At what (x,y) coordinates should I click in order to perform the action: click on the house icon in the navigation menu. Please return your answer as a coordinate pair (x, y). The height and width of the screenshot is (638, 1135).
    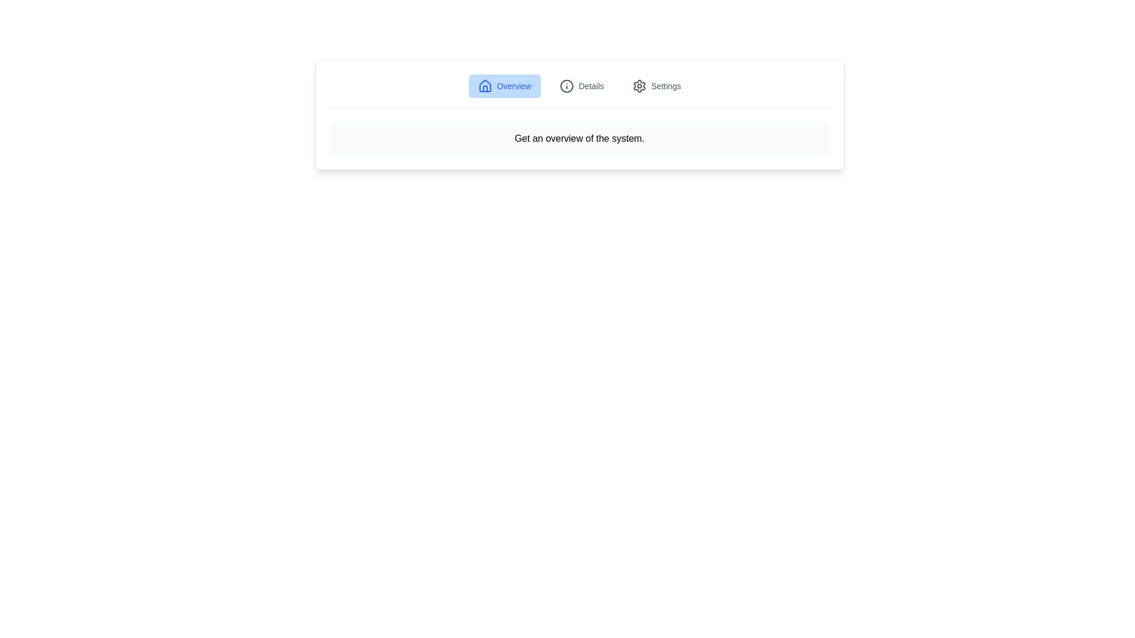
    Looking at the image, I should click on (485, 85).